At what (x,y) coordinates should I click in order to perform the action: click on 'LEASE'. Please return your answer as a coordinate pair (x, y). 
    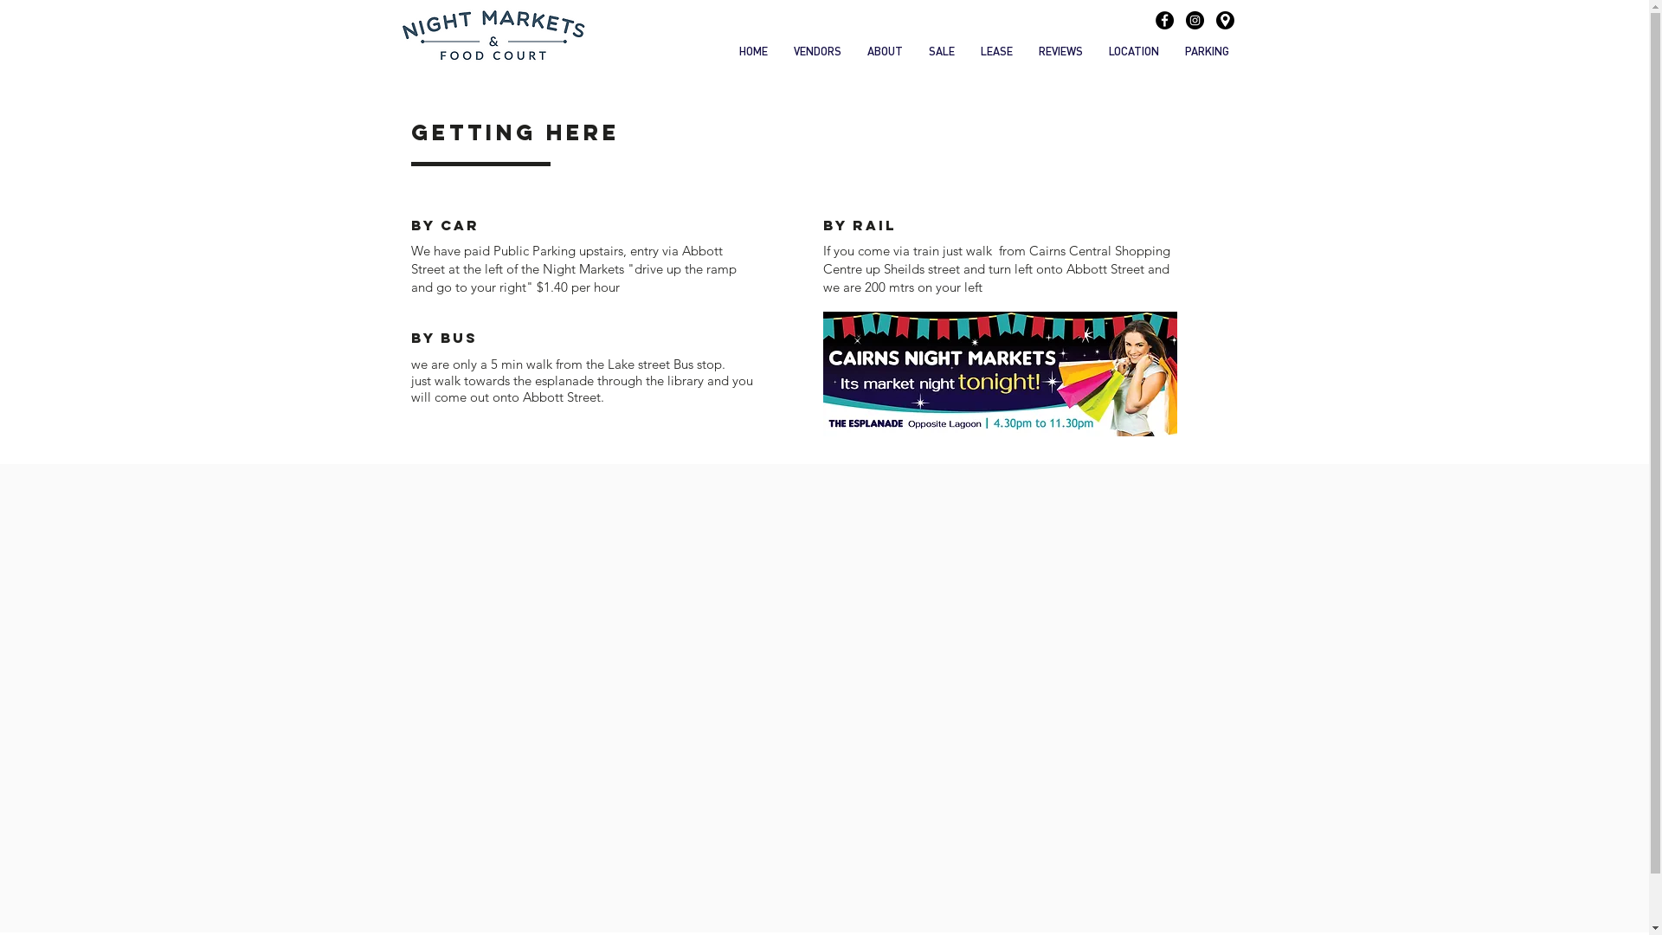
    Looking at the image, I should click on (996, 49).